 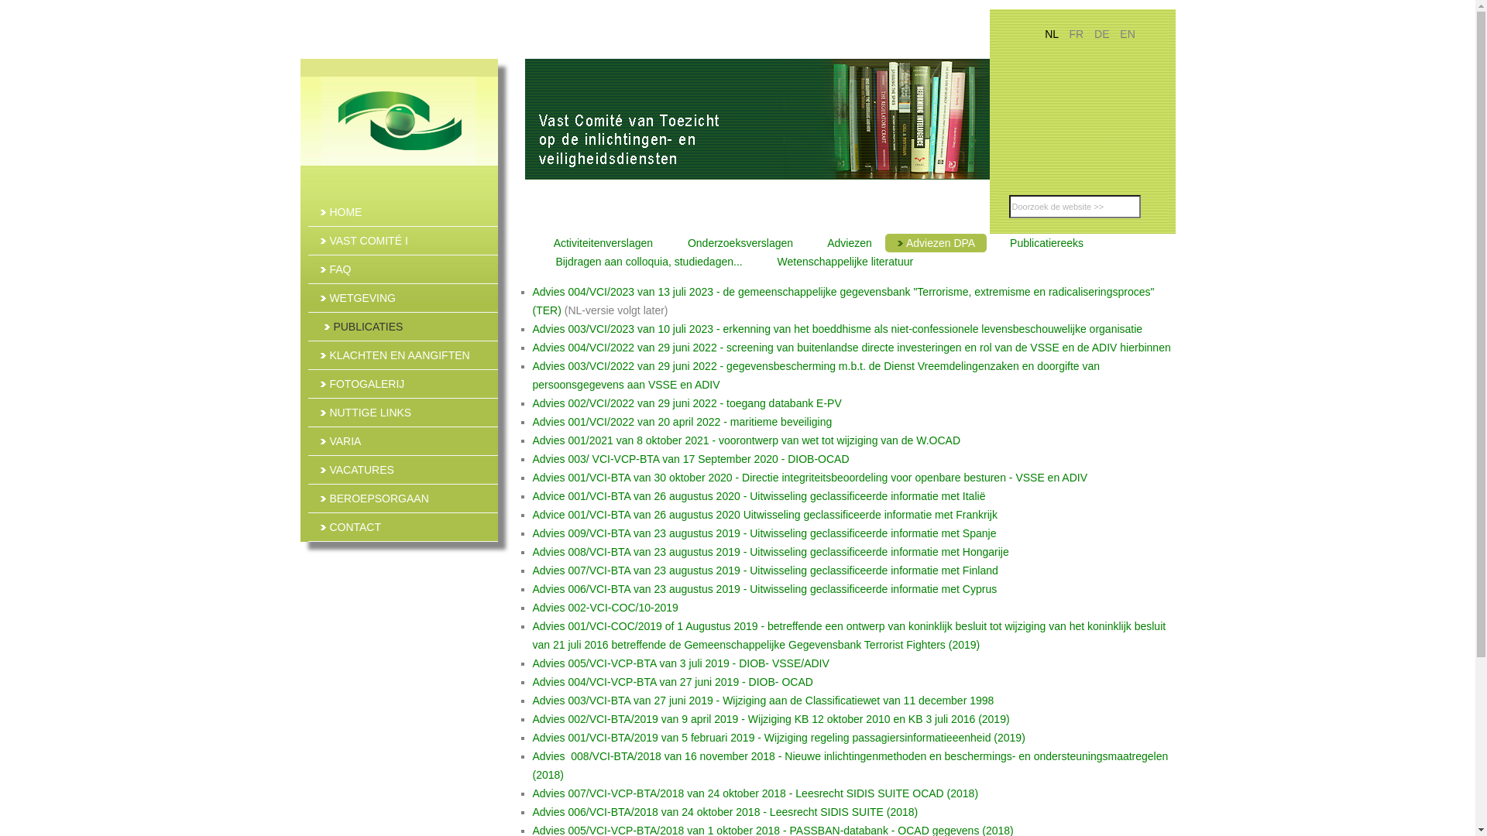 I want to click on 'Advies 005/VCI-VCP-BTA van 3 juli 2019 - DIOB- VSSE/ADIV', so click(x=681, y=662).